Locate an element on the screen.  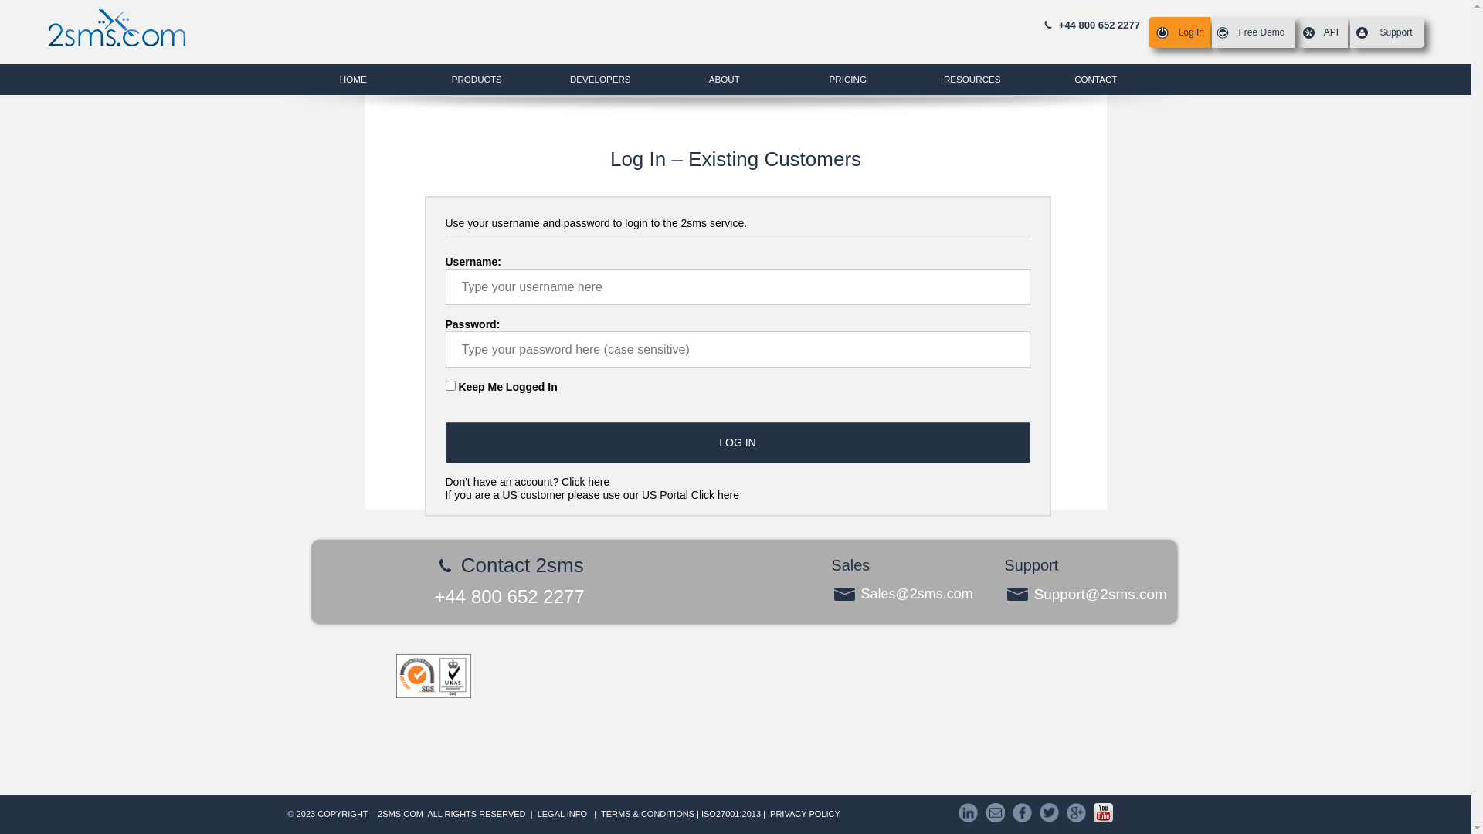
'PRODUCTS' is located at coordinates (476, 80).